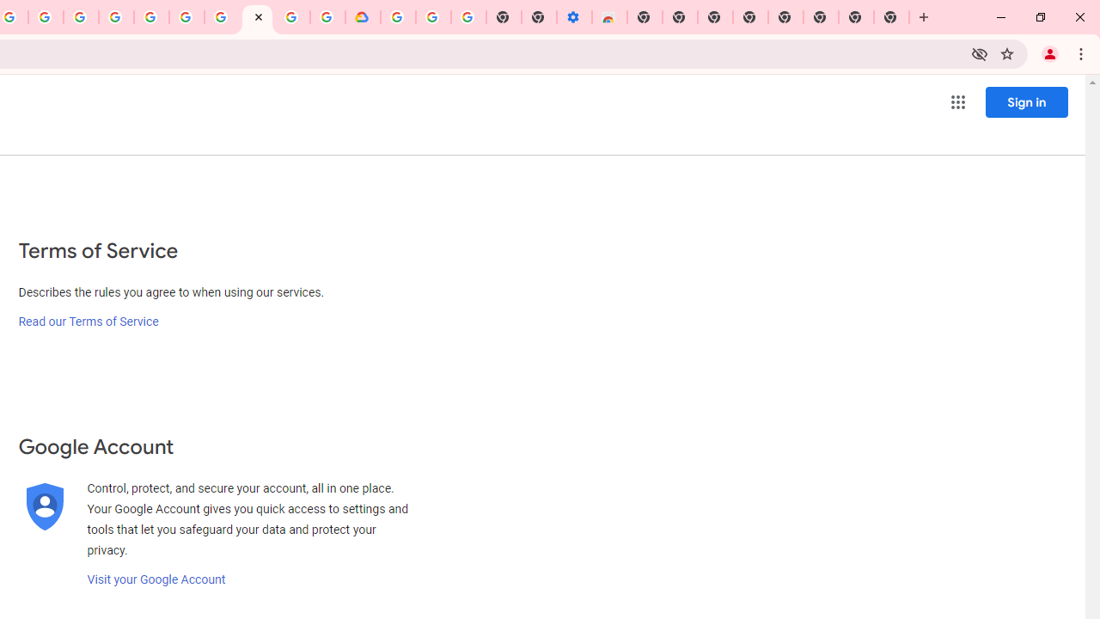 The width and height of the screenshot is (1100, 619). I want to click on 'Chrome Web Store - Accessibility extensions', so click(609, 17).